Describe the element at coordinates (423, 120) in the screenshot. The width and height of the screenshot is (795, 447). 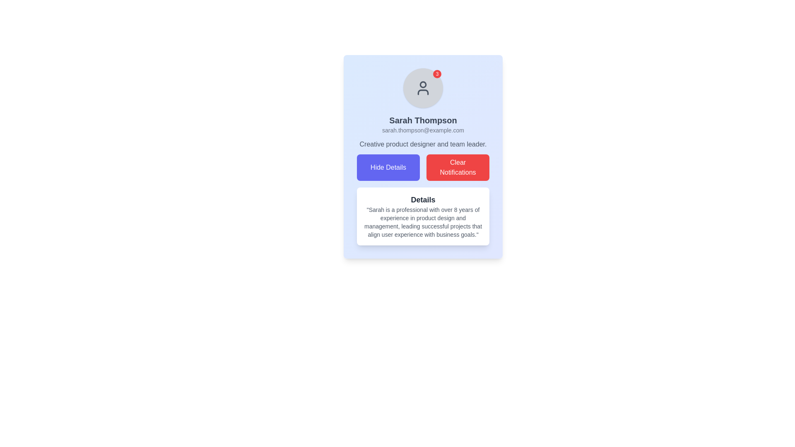
I see `name displayed in the profile text label, which is positioned centrally under the avatar icon and above the email address` at that location.